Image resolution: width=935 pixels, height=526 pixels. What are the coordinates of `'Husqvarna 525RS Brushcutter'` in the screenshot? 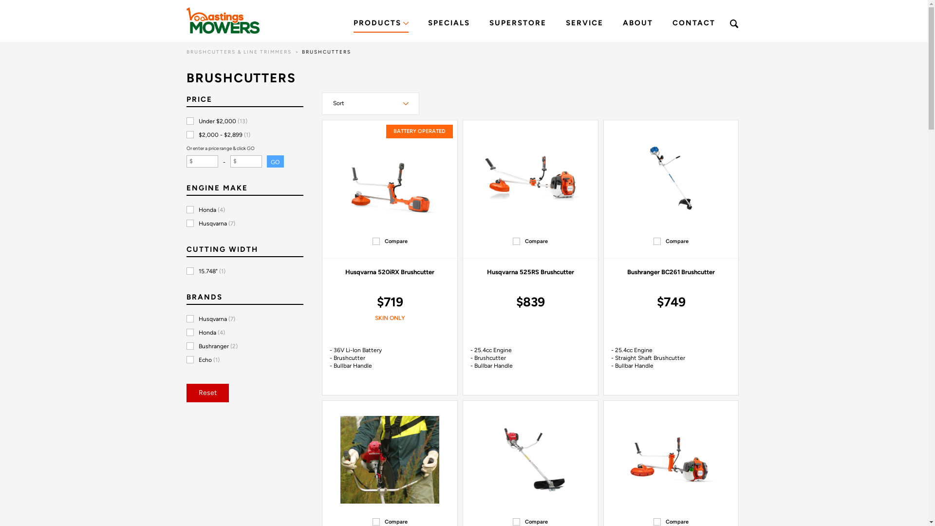 It's located at (530, 272).